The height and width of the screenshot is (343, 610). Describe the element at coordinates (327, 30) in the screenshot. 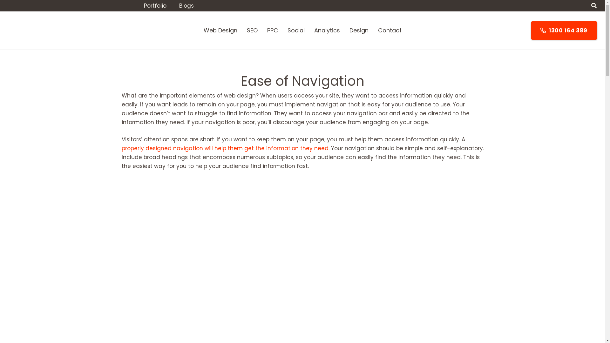

I see `'Analytics'` at that location.